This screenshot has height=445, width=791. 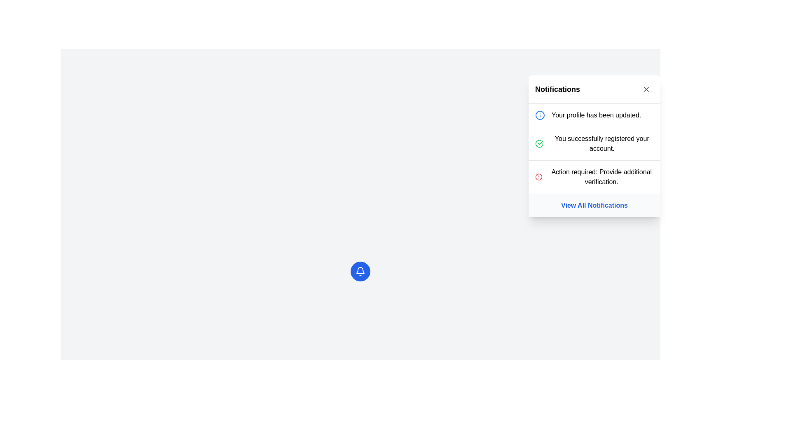 I want to click on the circular close button with a light gray background and a gray 'X' icon located in the top-right corner of the notification panel, so click(x=646, y=89).